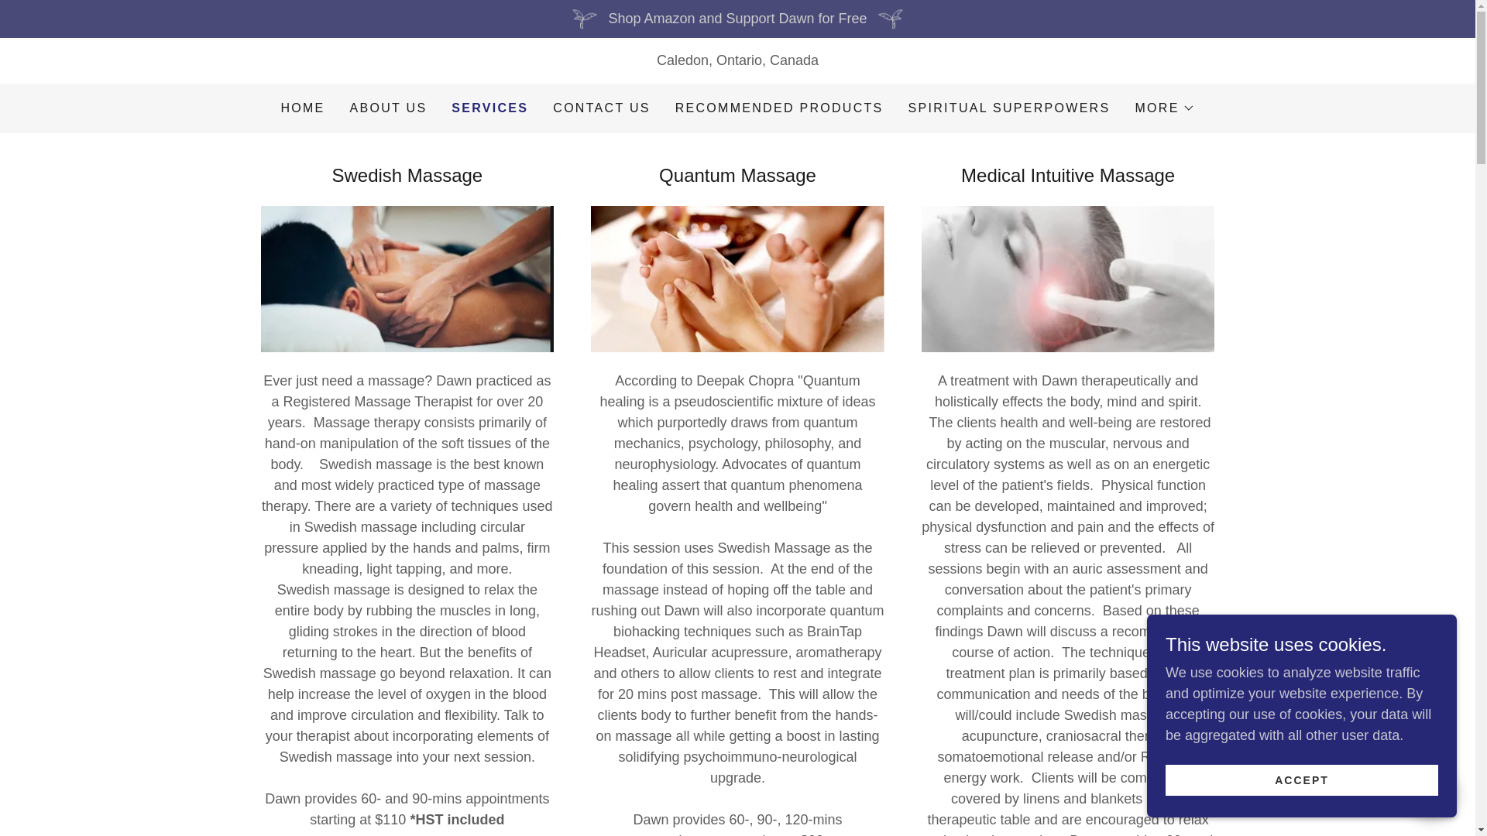  What do you see at coordinates (302, 107) in the screenshot?
I see `'HOME'` at bounding box center [302, 107].